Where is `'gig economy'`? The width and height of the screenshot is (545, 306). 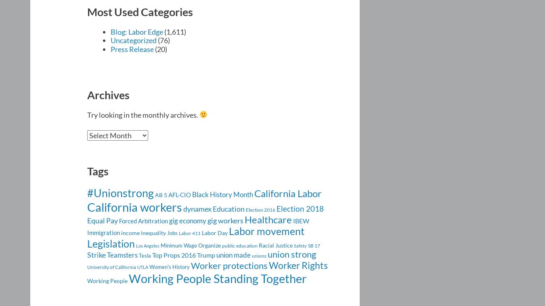
'gig economy' is located at coordinates (169, 220).